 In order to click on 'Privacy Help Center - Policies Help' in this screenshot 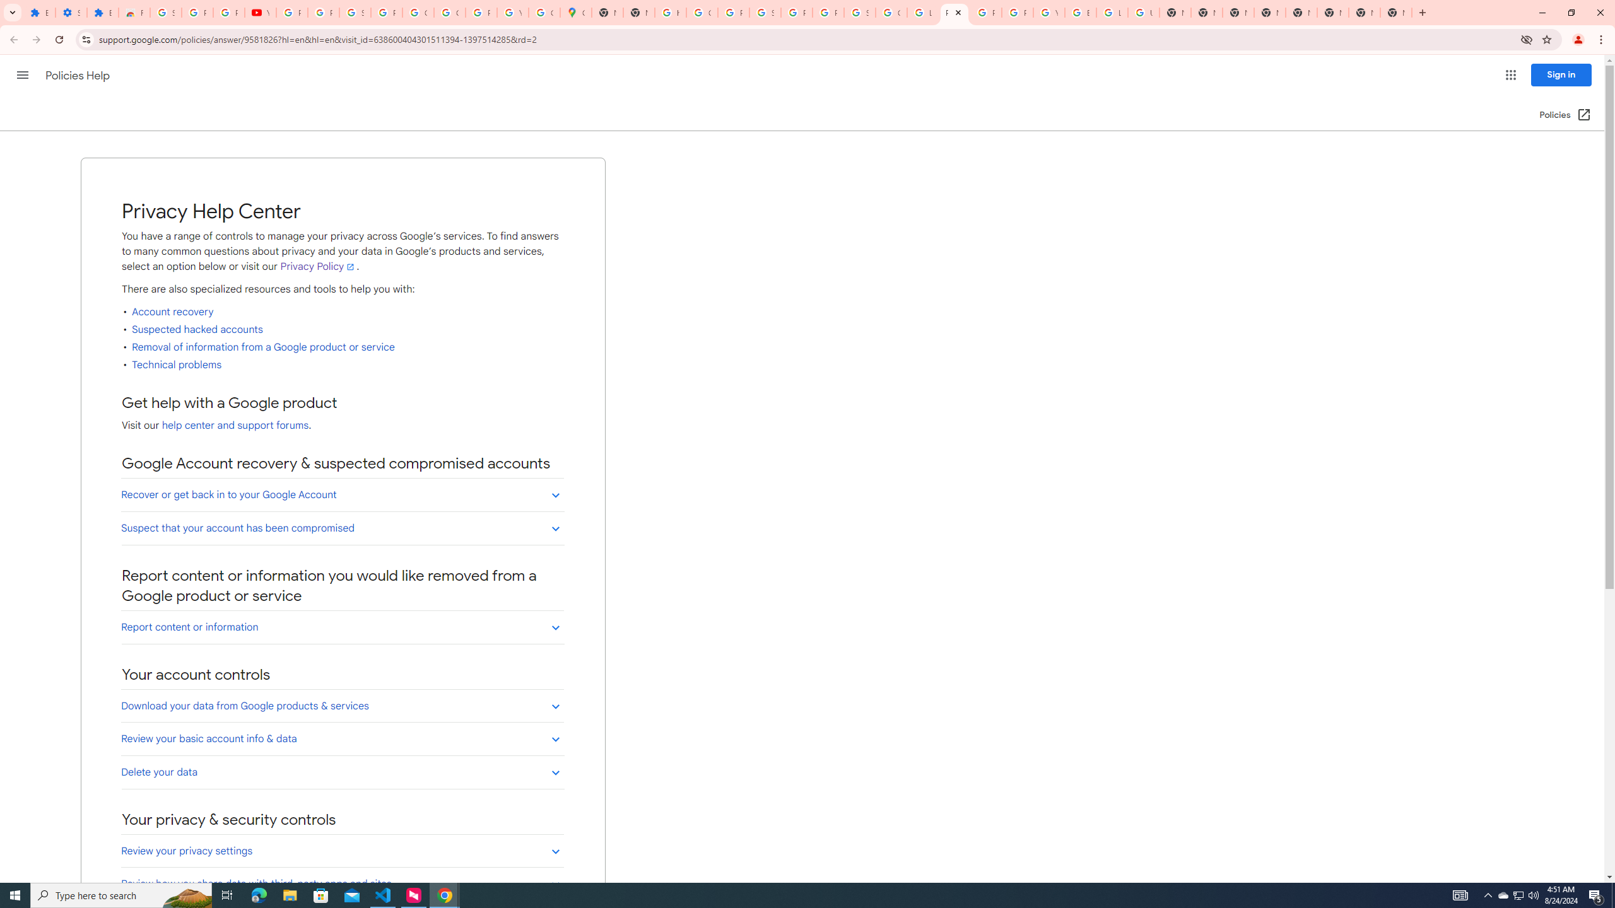, I will do `click(954, 12)`.